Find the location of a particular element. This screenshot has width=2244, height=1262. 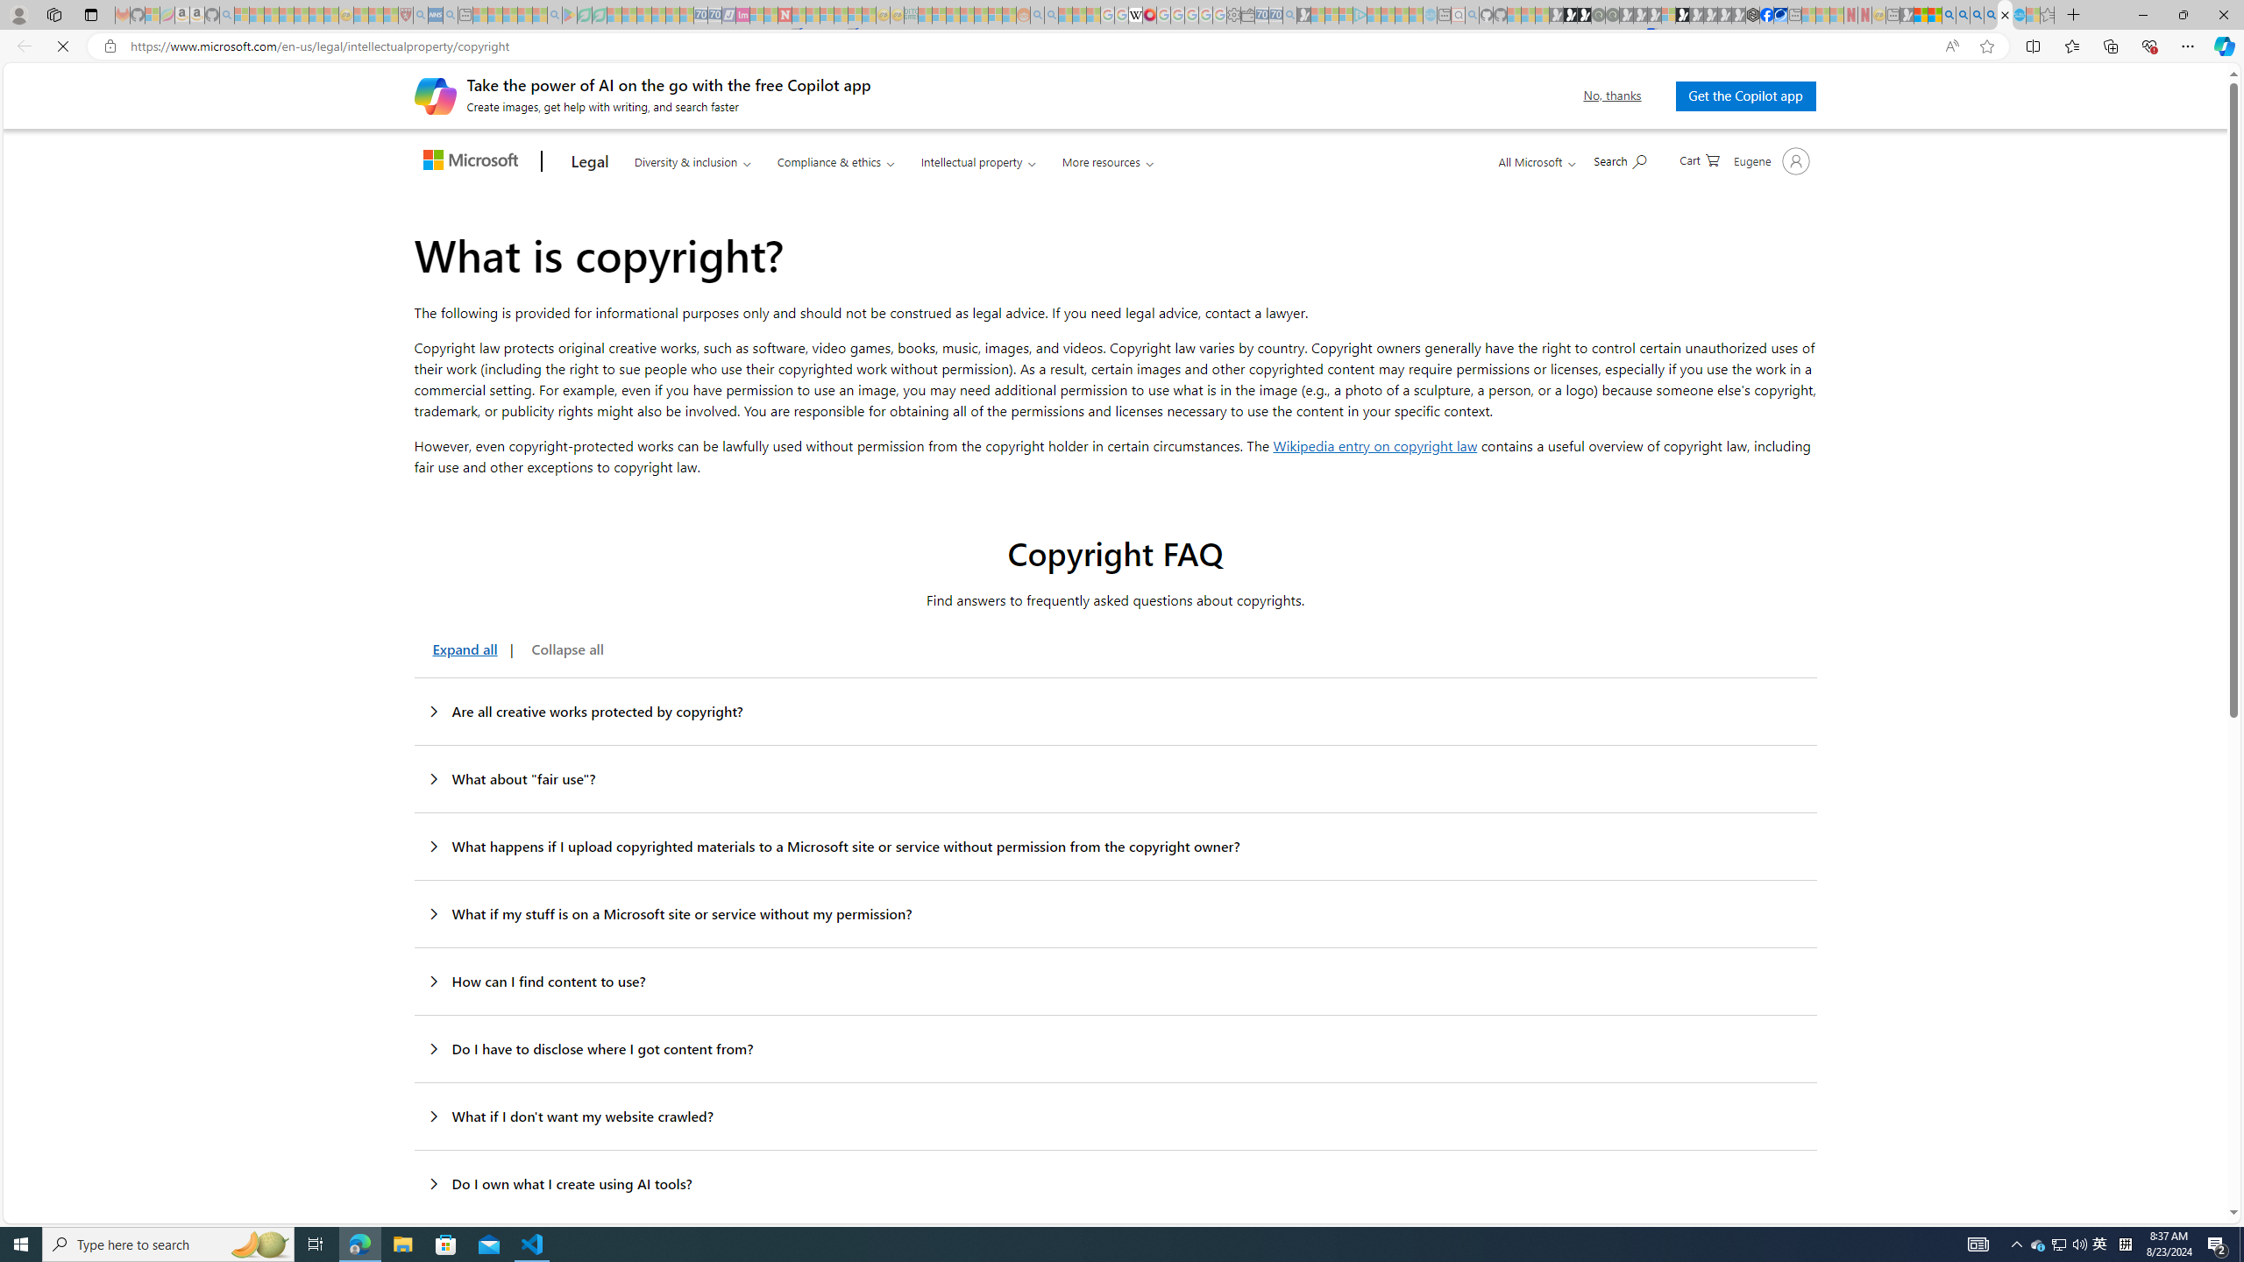

'Pets - MSN - Sleeping' is located at coordinates (525, 14).